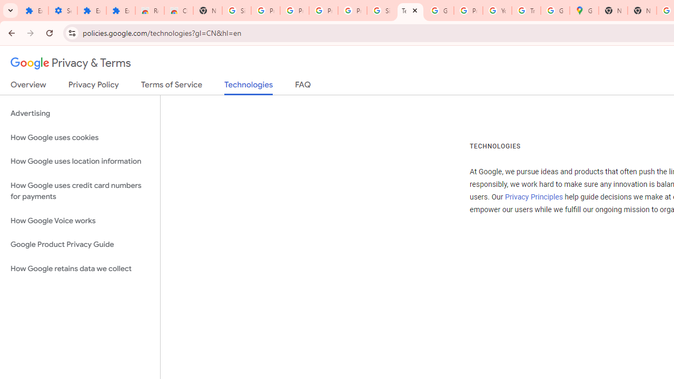  Describe the element at coordinates (62, 11) in the screenshot. I see `'Settings'` at that location.